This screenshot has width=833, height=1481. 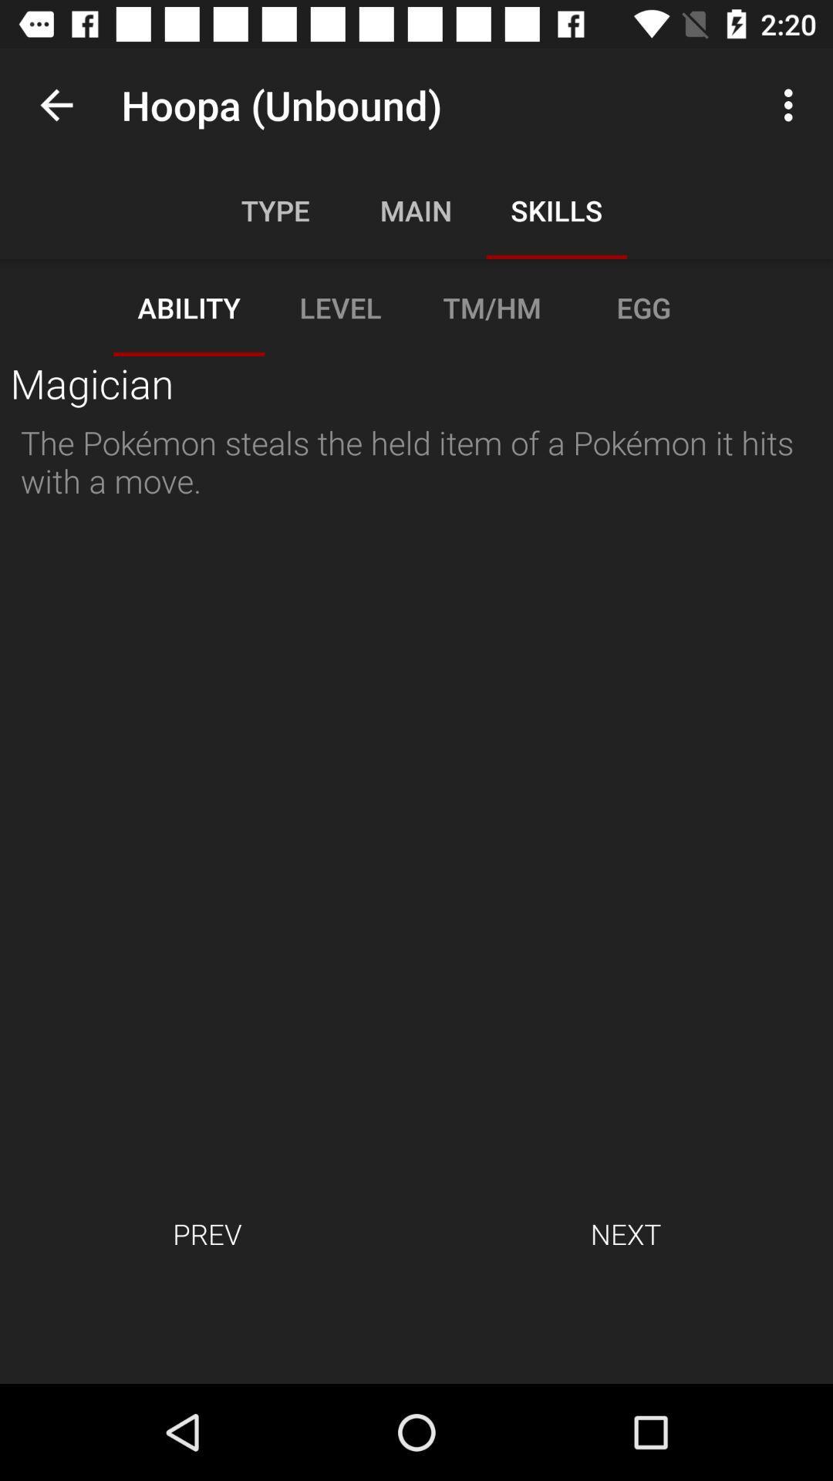 What do you see at coordinates (792, 104) in the screenshot?
I see `the icon to the right of the hoopa (unbound) item` at bounding box center [792, 104].